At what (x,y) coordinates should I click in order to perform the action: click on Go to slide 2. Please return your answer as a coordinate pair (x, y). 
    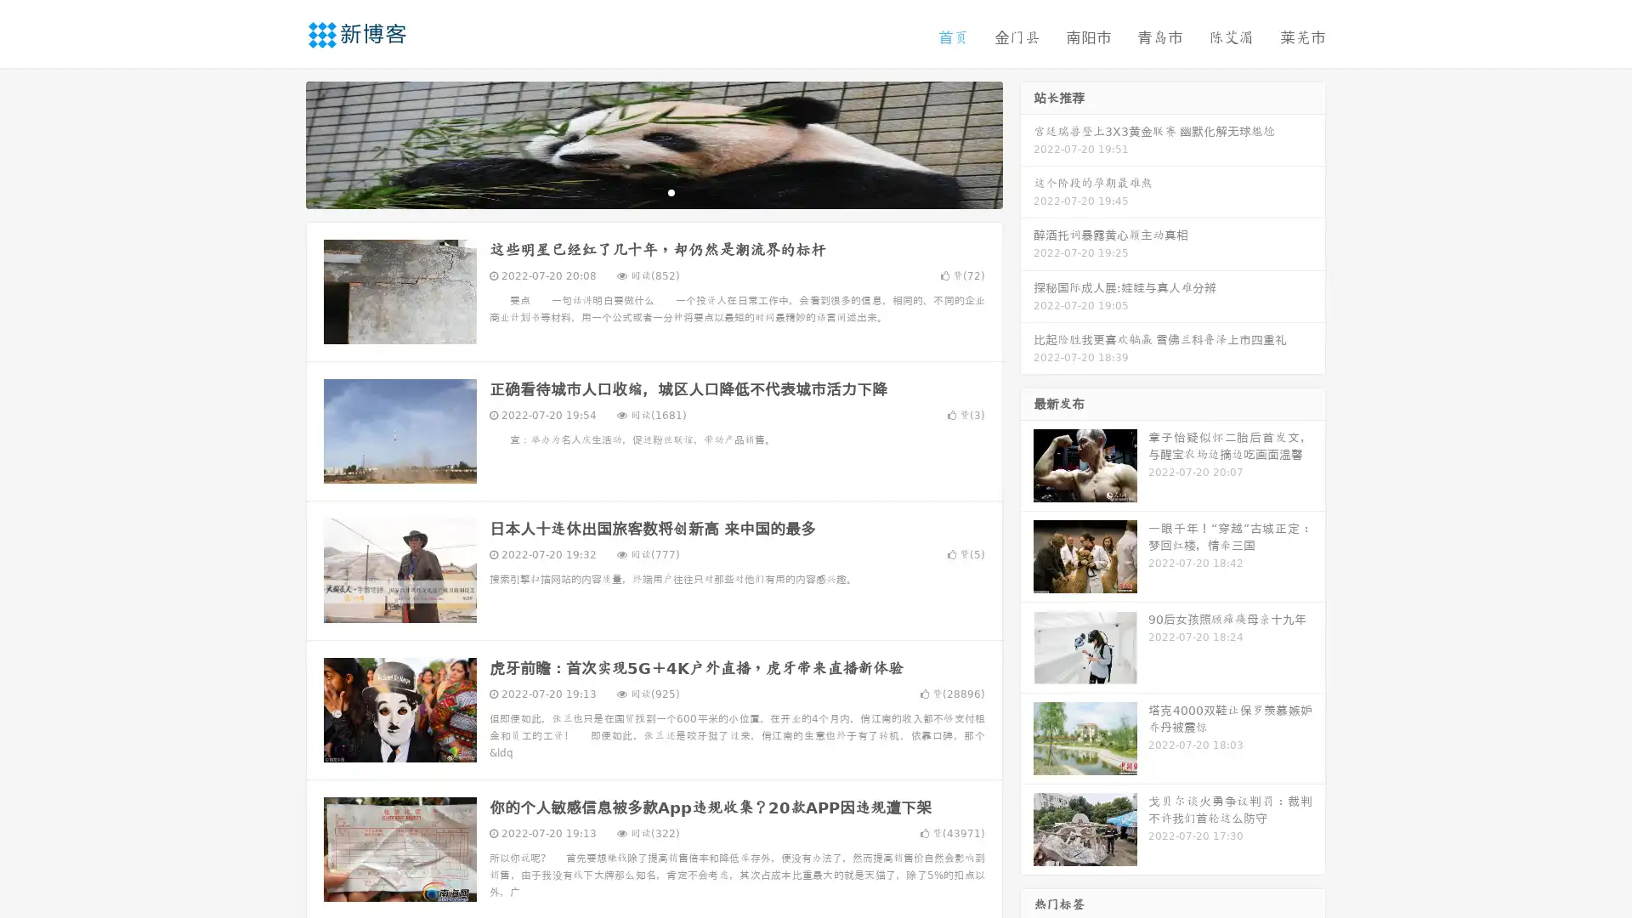
    Looking at the image, I should click on (653, 191).